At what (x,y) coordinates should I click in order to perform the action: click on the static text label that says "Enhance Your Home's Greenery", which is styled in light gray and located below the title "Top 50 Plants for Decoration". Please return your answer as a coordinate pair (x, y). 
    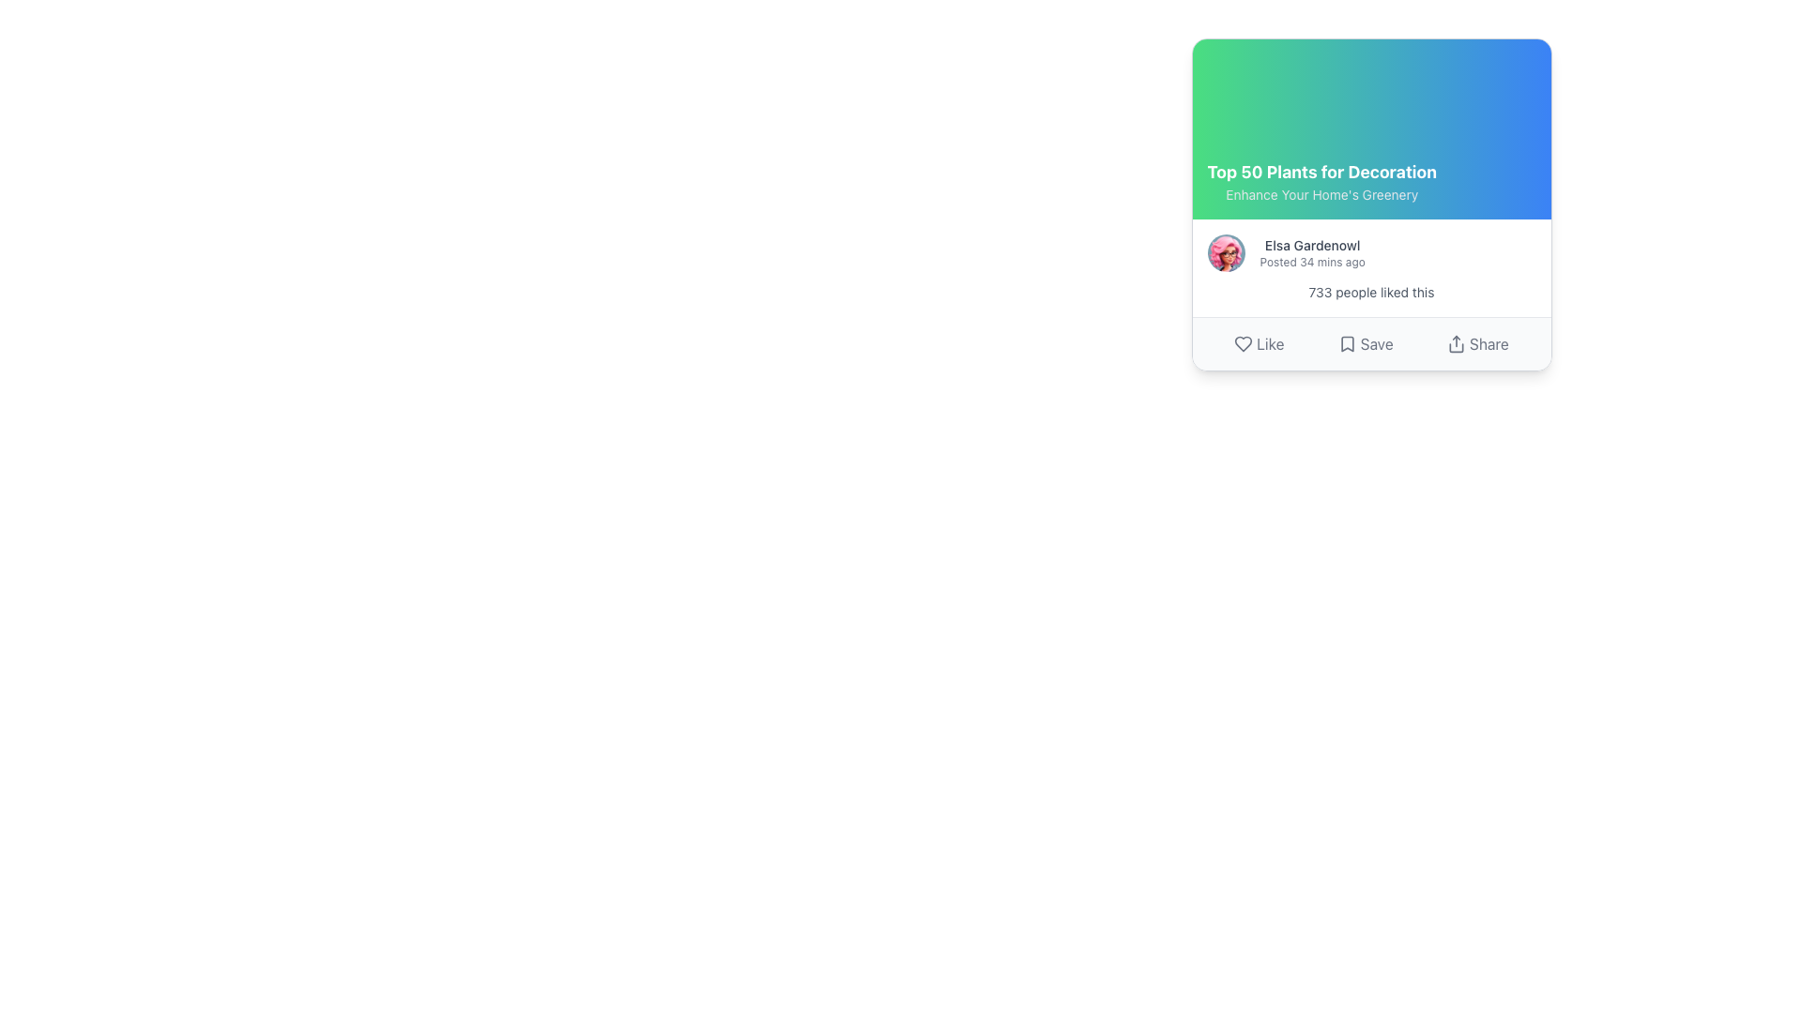
    Looking at the image, I should click on (1321, 195).